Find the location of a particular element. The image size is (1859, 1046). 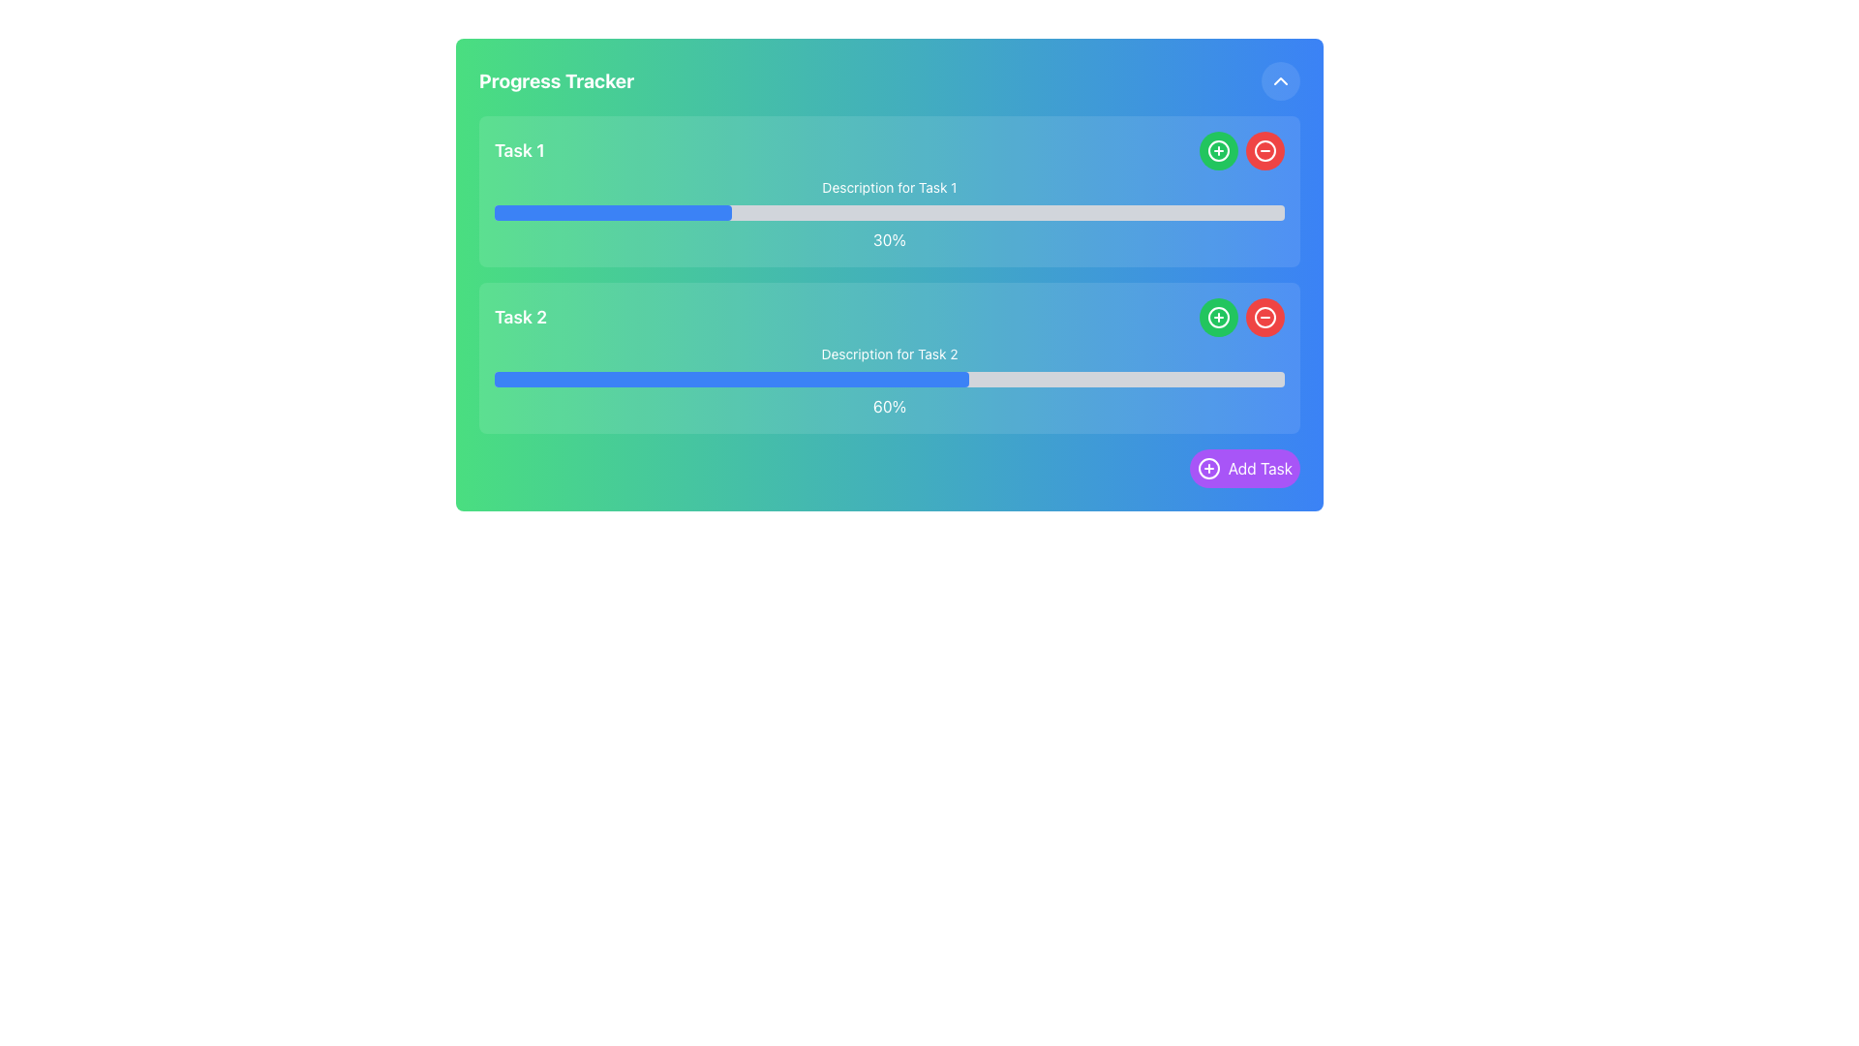

the green button located to the right of the task progress bar is located at coordinates (1217, 316).